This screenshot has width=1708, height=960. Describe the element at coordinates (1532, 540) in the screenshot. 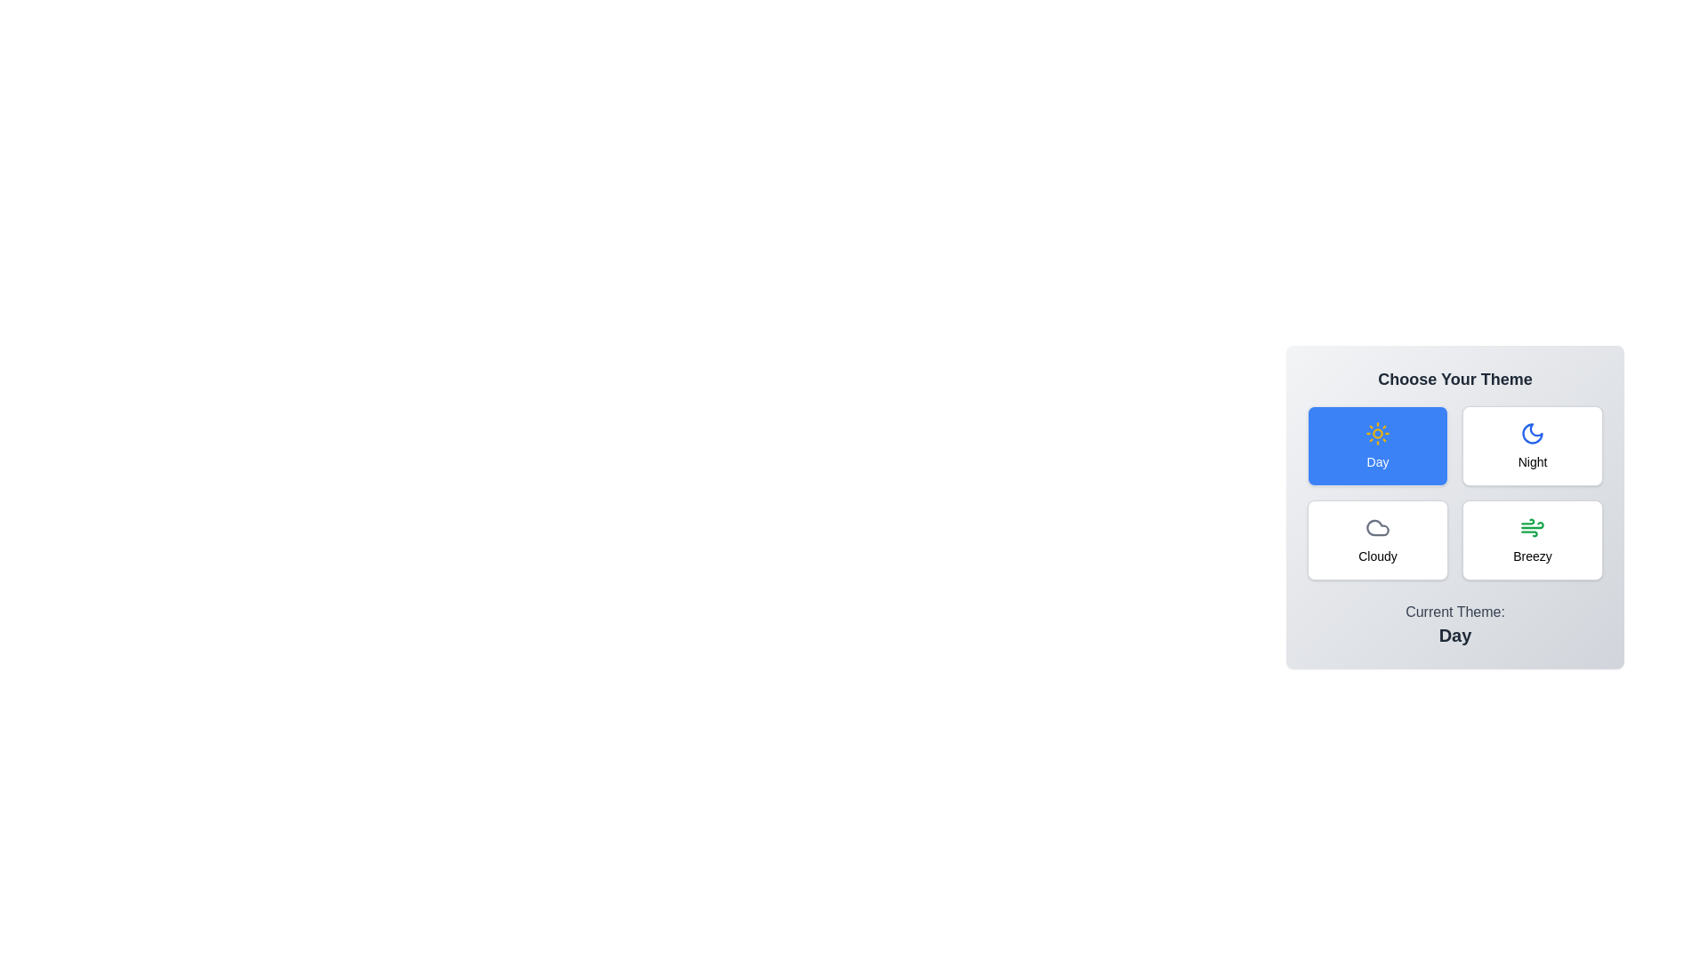

I see `the button corresponding to the theme Breezy` at that location.